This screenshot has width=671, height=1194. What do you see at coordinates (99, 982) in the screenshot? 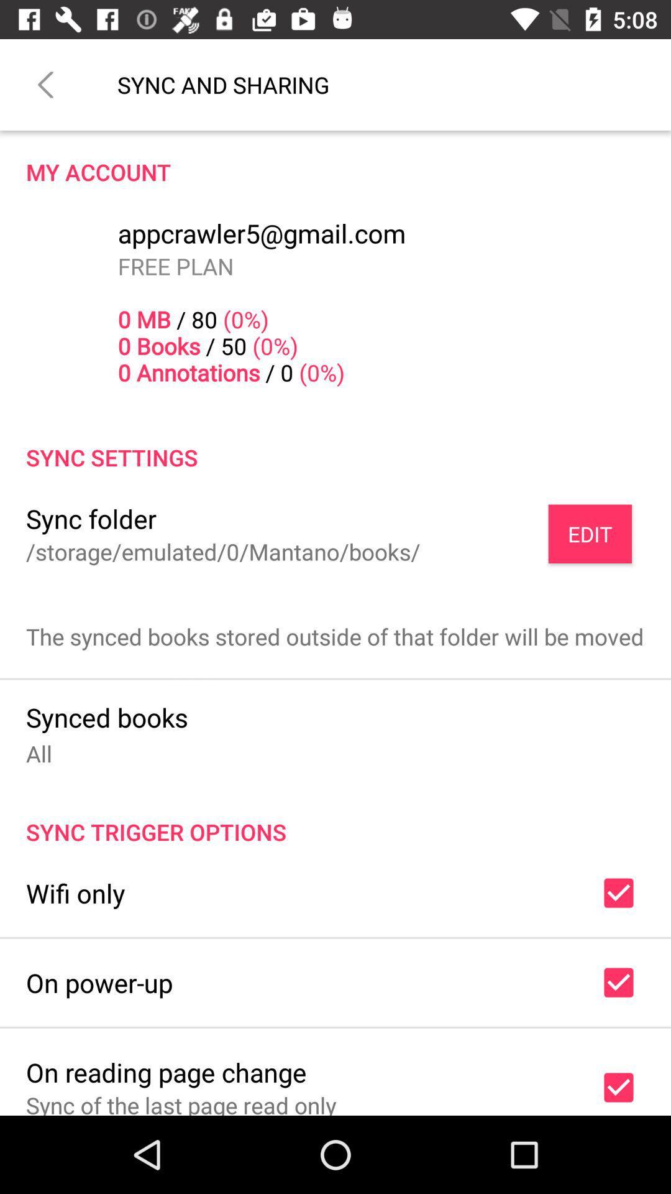
I see `the icon above the on reading page item` at bounding box center [99, 982].